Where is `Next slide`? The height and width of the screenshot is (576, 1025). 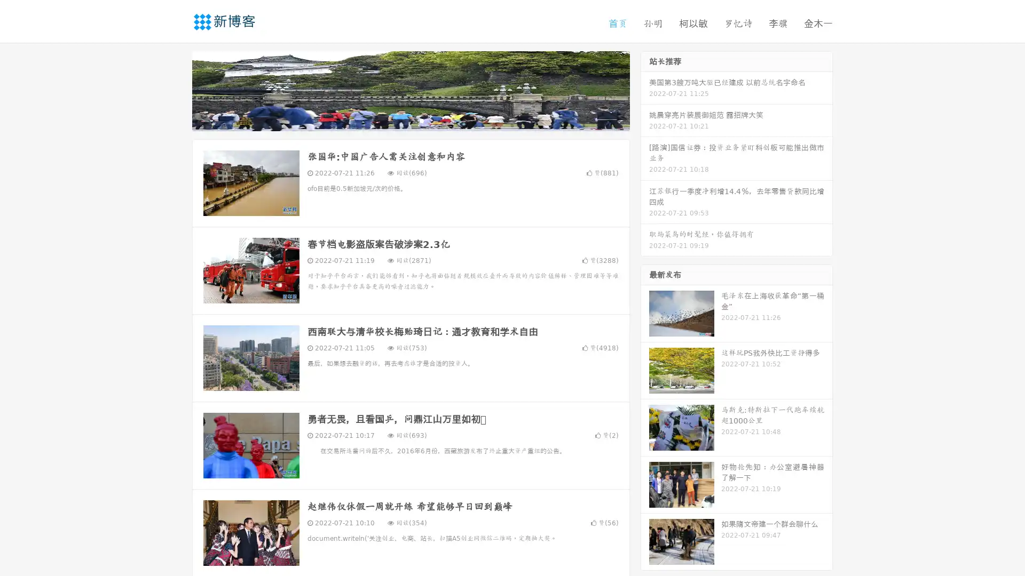
Next slide is located at coordinates (645, 90).